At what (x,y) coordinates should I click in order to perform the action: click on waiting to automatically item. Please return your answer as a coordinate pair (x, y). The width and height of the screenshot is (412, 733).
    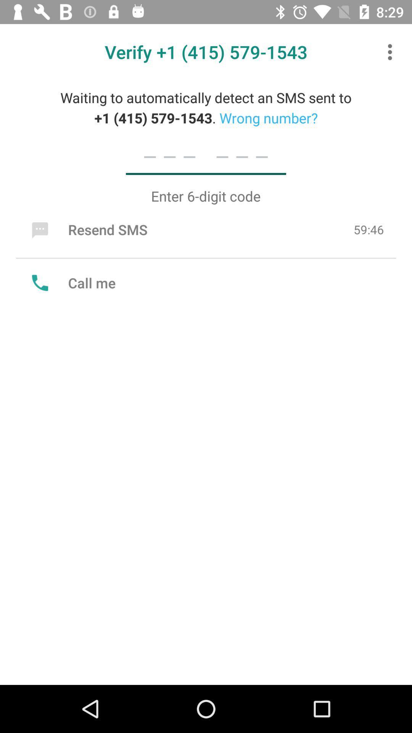
    Looking at the image, I should click on (206, 107).